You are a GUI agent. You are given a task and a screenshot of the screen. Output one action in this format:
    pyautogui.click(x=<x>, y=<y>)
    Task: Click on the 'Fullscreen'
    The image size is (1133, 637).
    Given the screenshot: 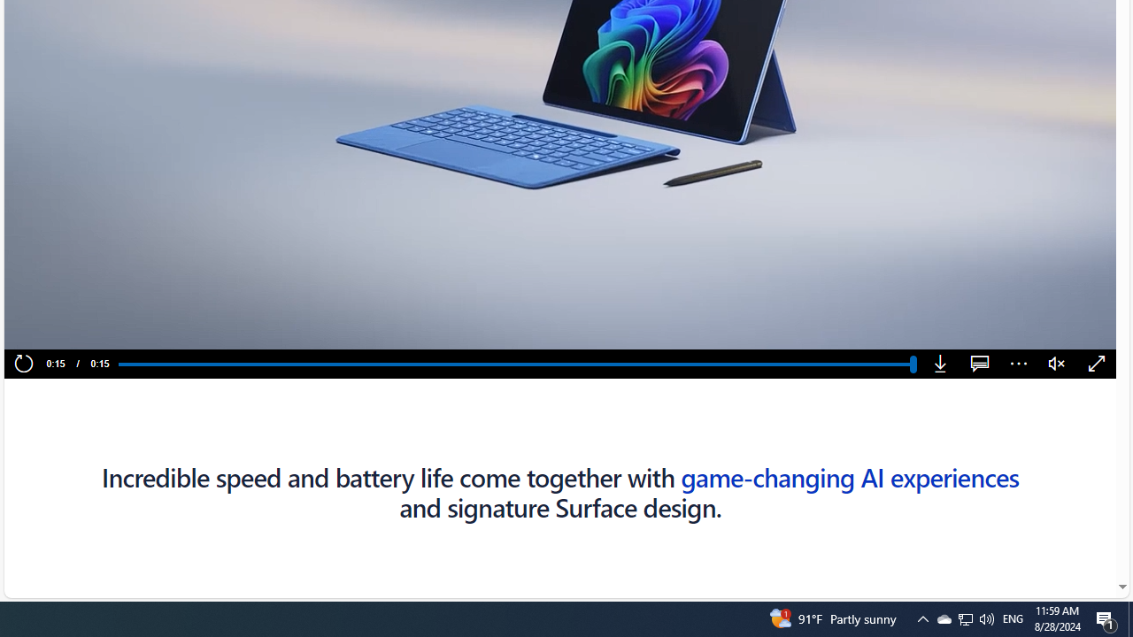 What is the action you would take?
    pyautogui.click(x=1096, y=364)
    